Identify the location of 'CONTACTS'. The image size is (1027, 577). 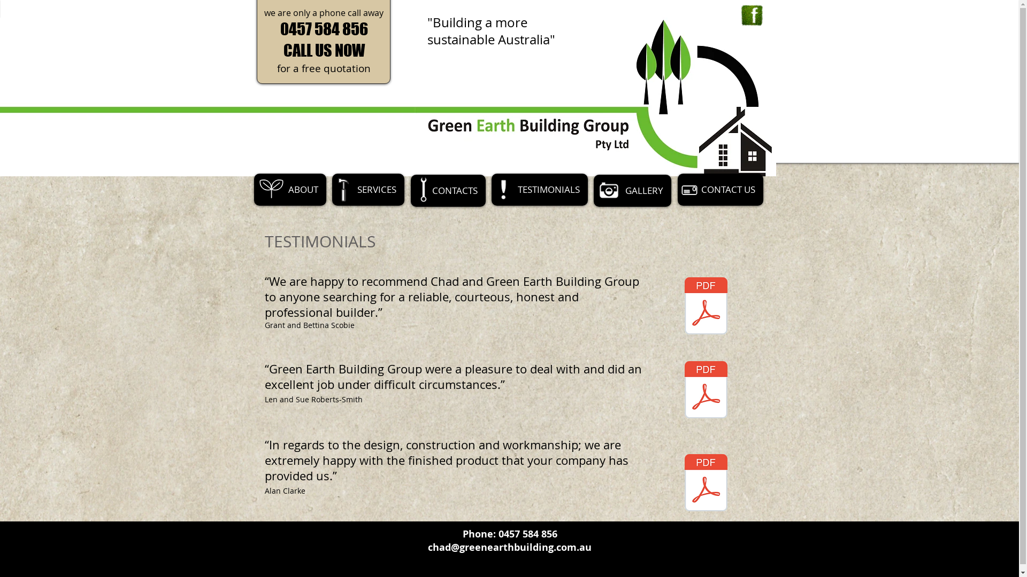
(410, 190).